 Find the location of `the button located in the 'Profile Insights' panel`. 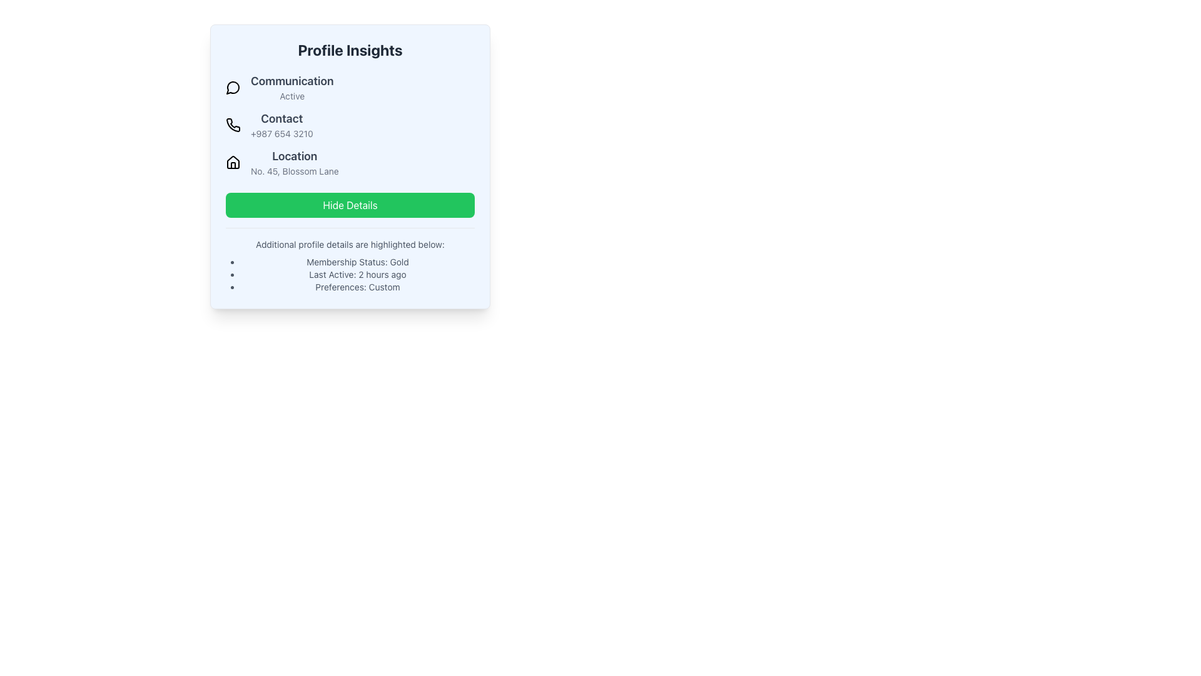

the button located in the 'Profile Insights' panel is located at coordinates (350, 204).